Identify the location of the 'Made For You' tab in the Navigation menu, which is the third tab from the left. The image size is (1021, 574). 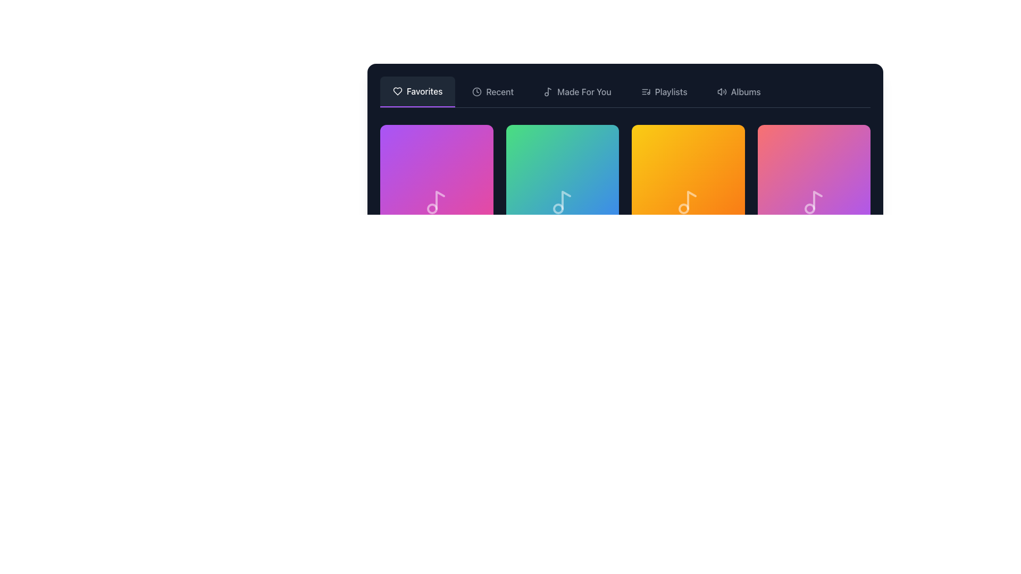
(576, 91).